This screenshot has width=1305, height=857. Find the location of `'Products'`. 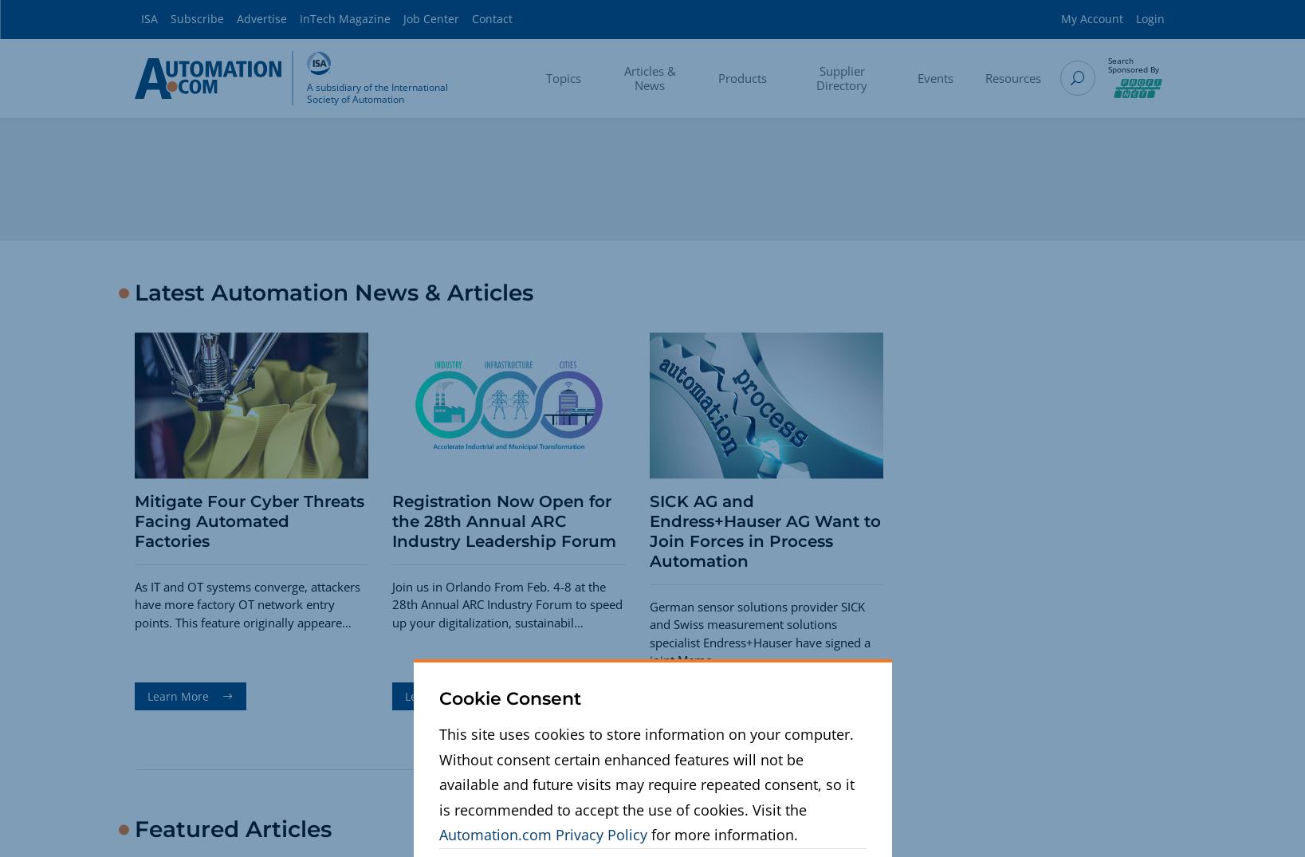

'Products' is located at coordinates (717, 77).